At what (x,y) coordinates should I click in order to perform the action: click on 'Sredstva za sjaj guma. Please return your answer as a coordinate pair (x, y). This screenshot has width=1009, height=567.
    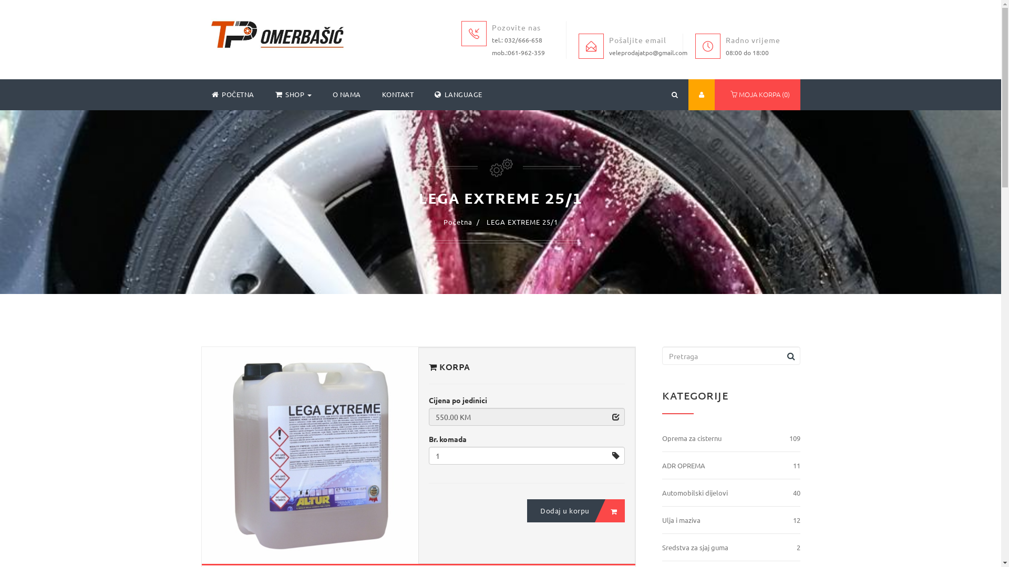
    Looking at the image, I should click on (730, 547).